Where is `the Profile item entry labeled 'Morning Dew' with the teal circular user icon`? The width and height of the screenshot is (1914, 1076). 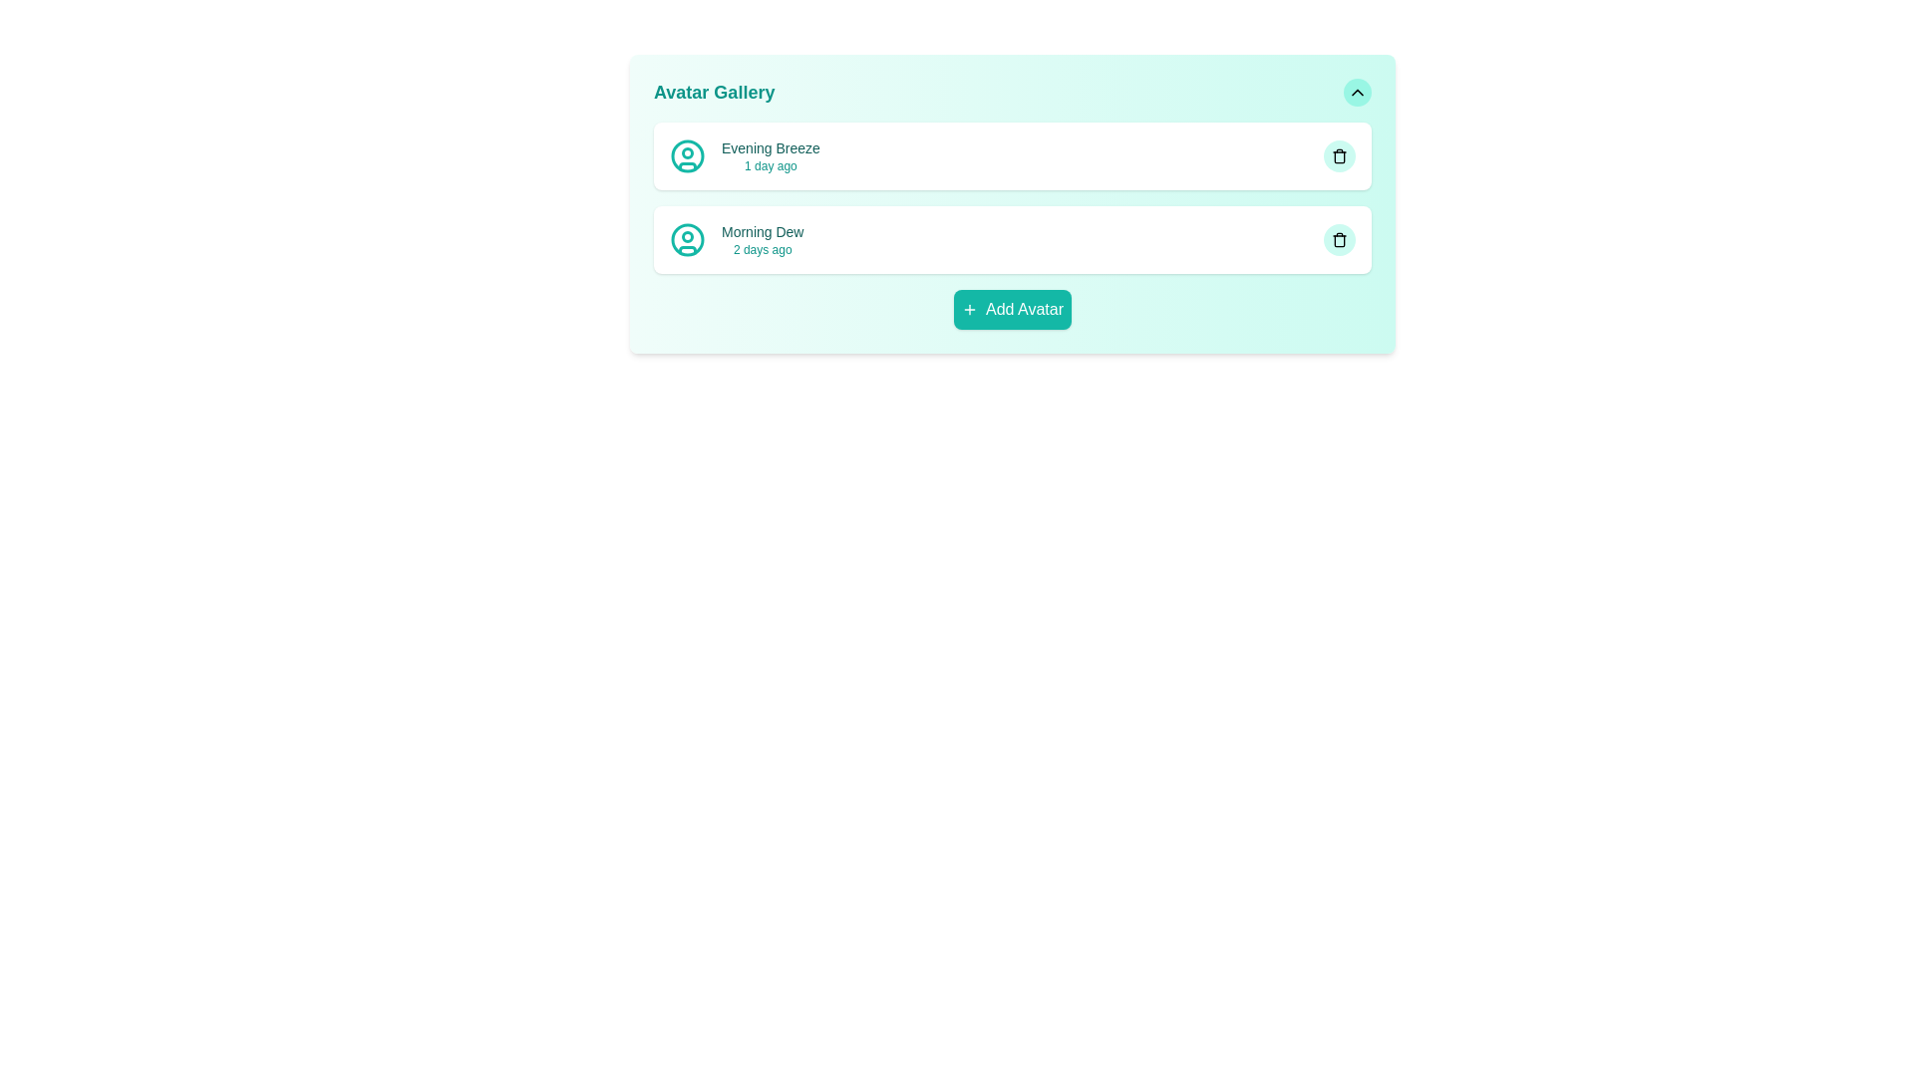 the Profile item entry labeled 'Morning Dew' with the teal circular user icon is located at coordinates (736, 238).